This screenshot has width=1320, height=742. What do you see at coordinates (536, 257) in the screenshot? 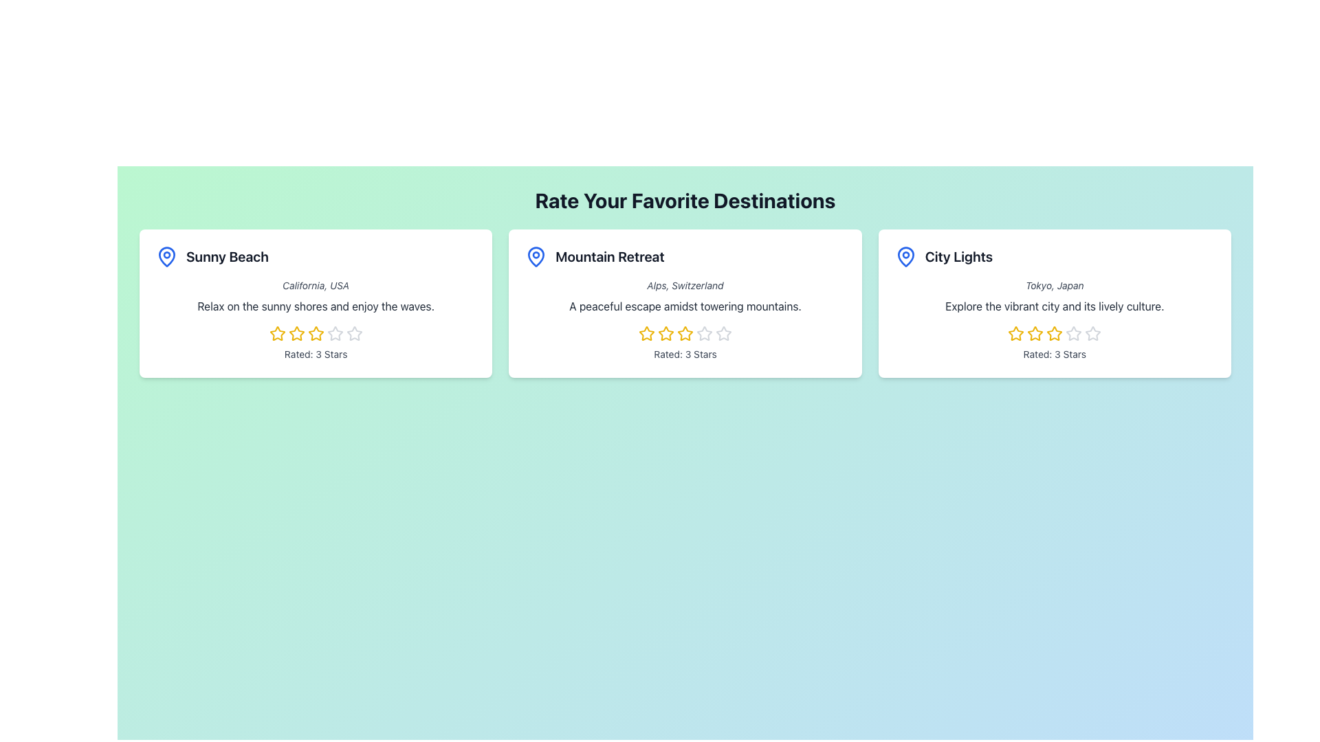
I see `the pin icon located at the upper-left corner of the 'Mountain Retreat' card, which represents a geographic point related to the destination` at bounding box center [536, 257].